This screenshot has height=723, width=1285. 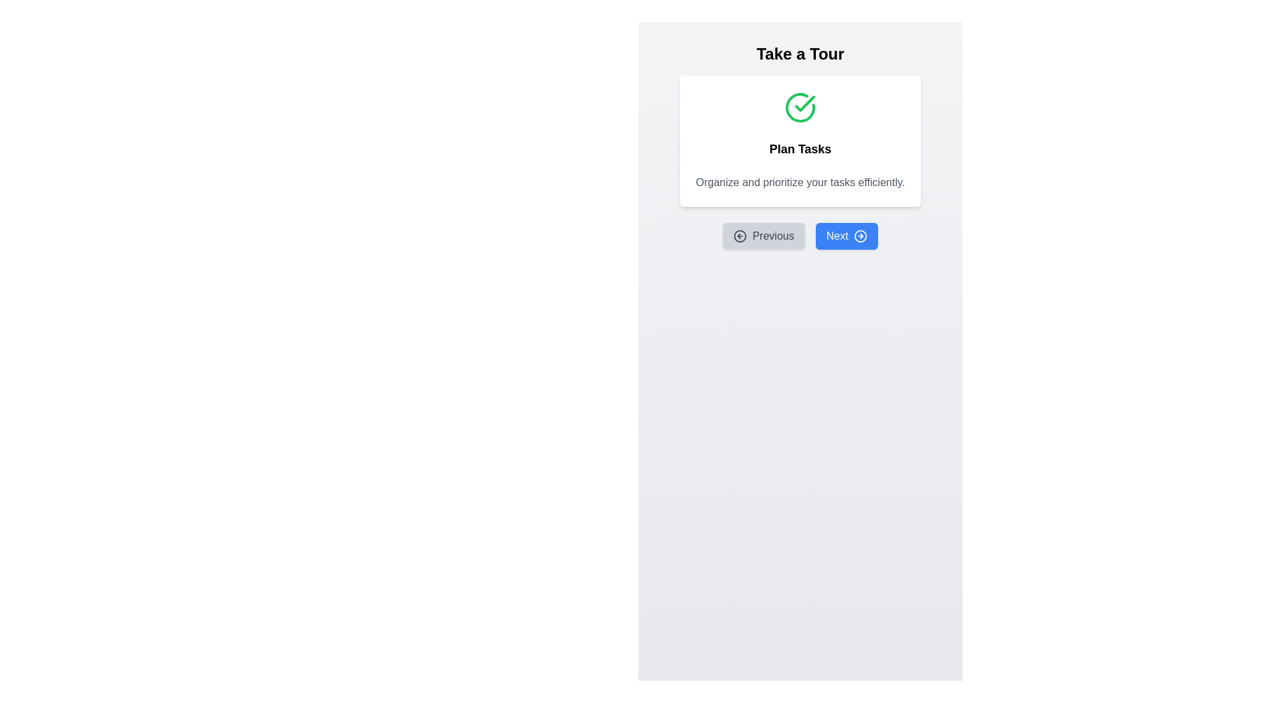 I want to click on the 'Next' button that contains an SVG icon of a circle with an arrow pointing to the right, so click(x=860, y=236).